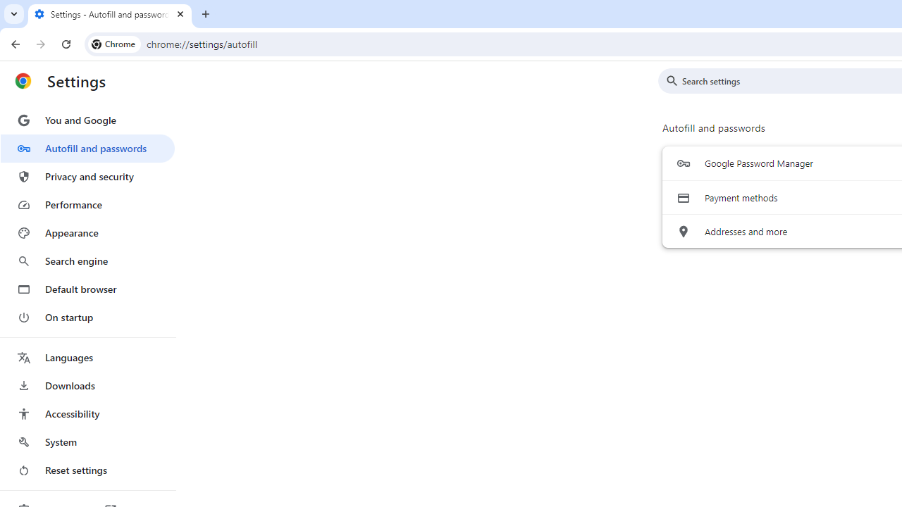 Image resolution: width=902 pixels, height=507 pixels. I want to click on 'Privacy and security', so click(87, 175).